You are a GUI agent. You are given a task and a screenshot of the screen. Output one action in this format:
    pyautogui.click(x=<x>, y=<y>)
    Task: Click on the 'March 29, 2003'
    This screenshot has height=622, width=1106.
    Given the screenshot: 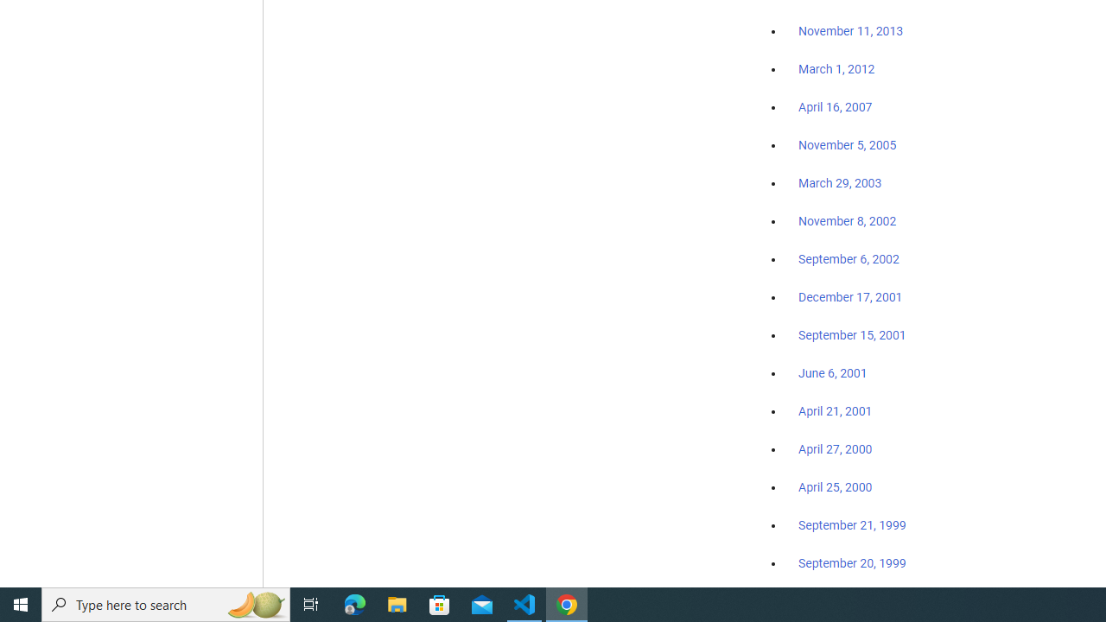 What is the action you would take?
    pyautogui.click(x=840, y=183)
    